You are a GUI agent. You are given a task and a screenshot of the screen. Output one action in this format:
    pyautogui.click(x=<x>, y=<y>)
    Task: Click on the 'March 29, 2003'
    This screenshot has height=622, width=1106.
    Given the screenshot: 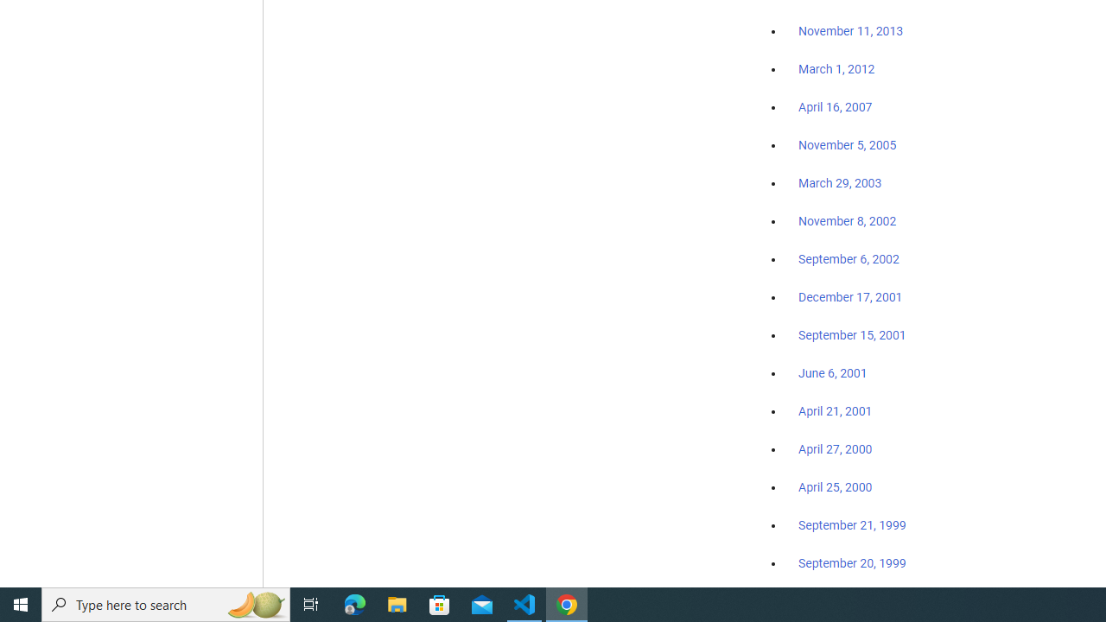 What is the action you would take?
    pyautogui.click(x=840, y=183)
    